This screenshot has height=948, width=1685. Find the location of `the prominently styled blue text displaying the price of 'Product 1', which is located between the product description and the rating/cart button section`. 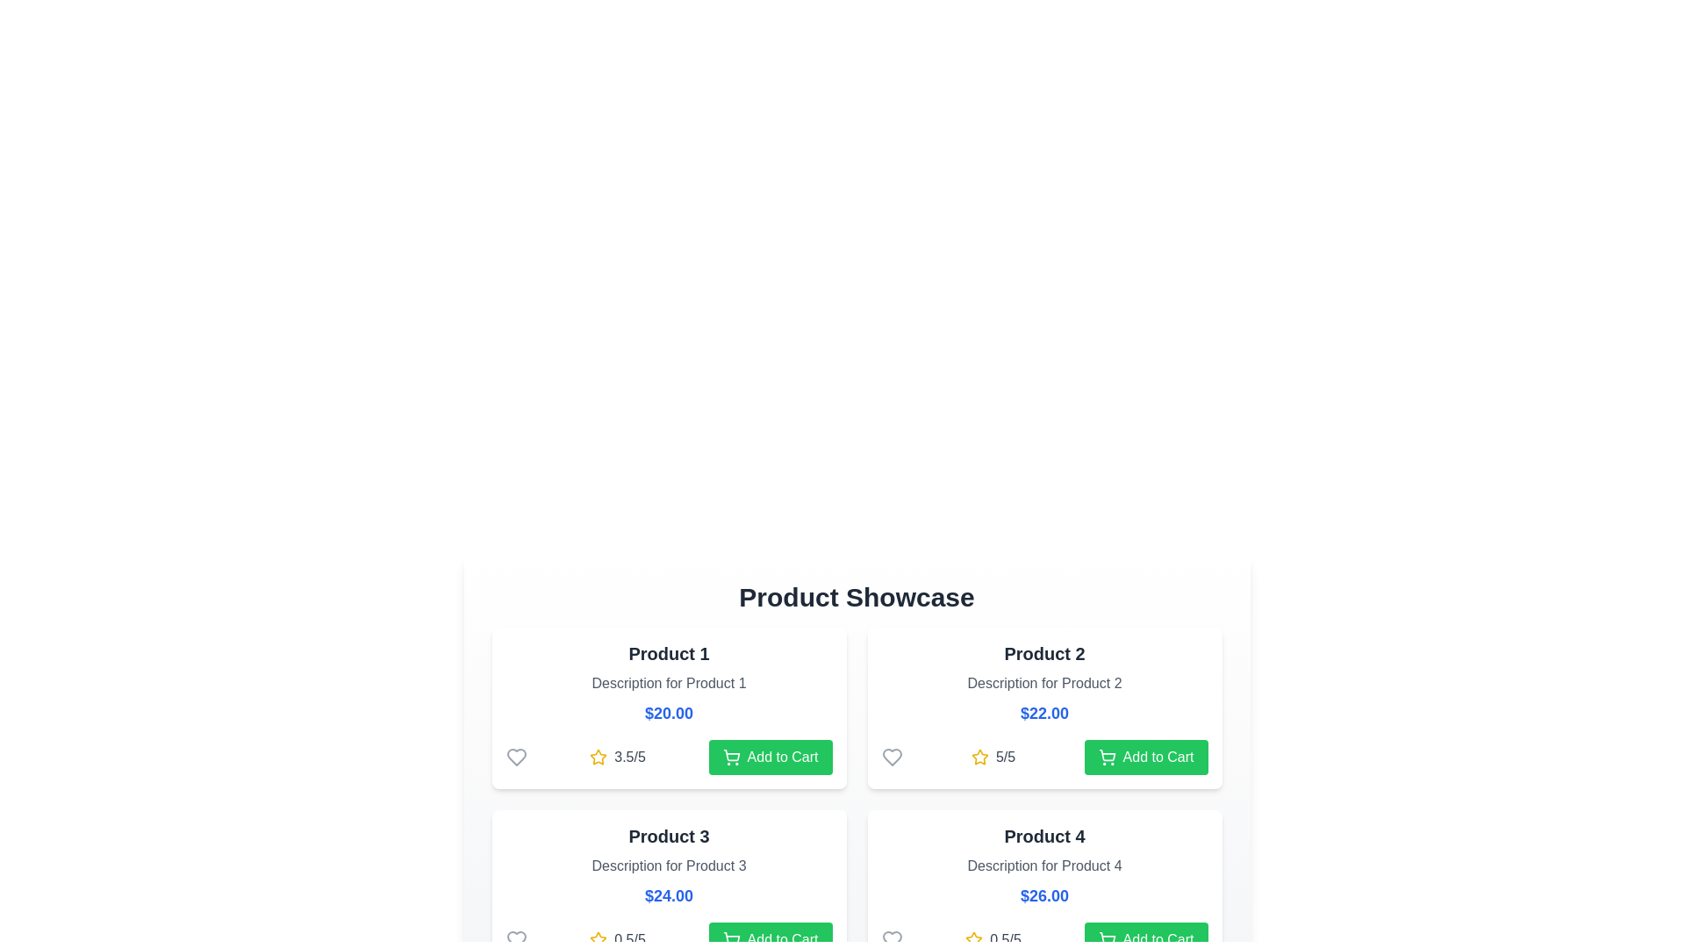

the prominently styled blue text displaying the price of 'Product 1', which is located between the product description and the rating/cart button section is located at coordinates (668, 714).